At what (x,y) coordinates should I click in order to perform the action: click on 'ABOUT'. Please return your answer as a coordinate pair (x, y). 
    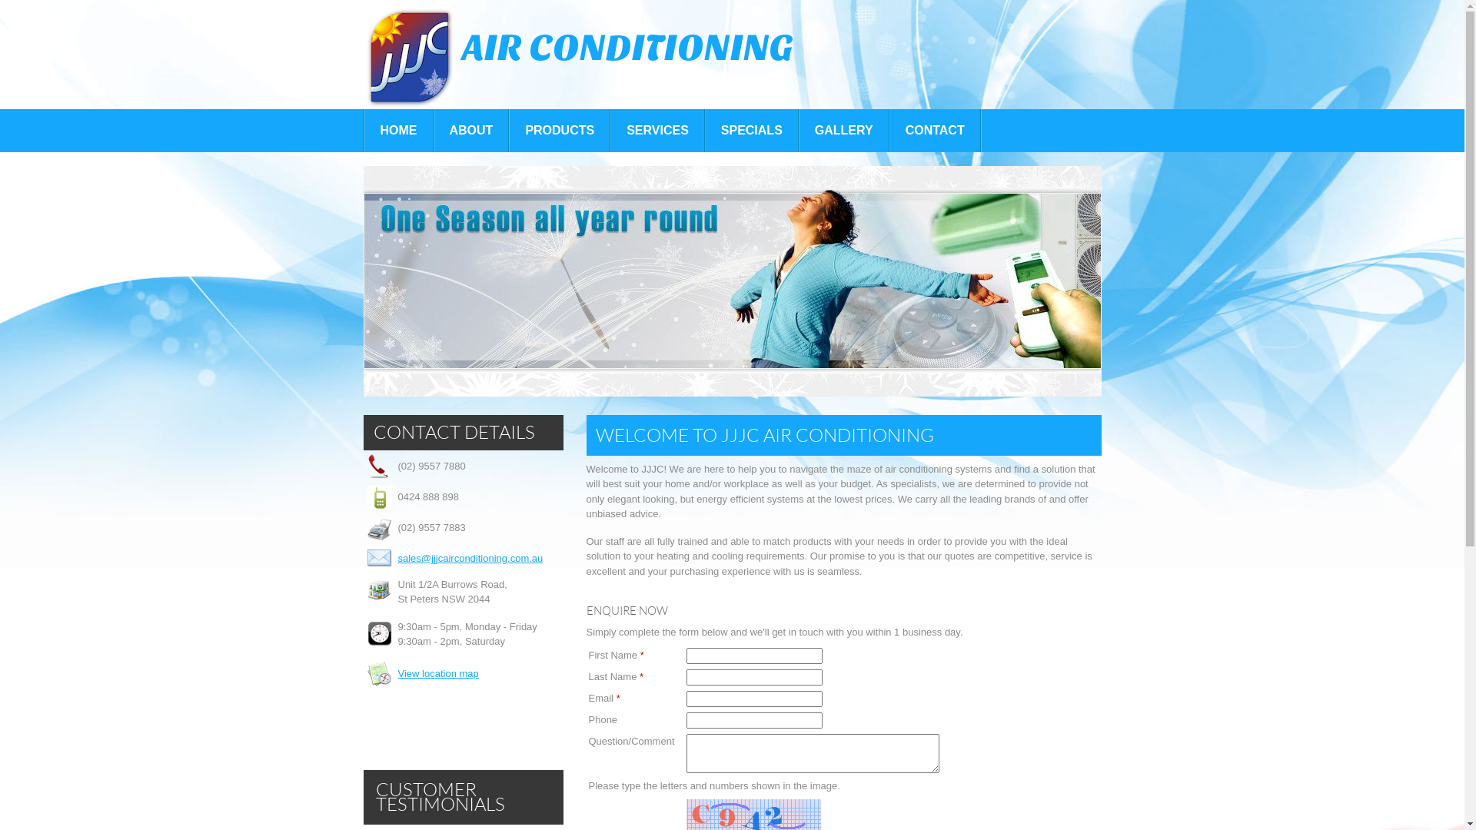
    Looking at the image, I should click on (470, 129).